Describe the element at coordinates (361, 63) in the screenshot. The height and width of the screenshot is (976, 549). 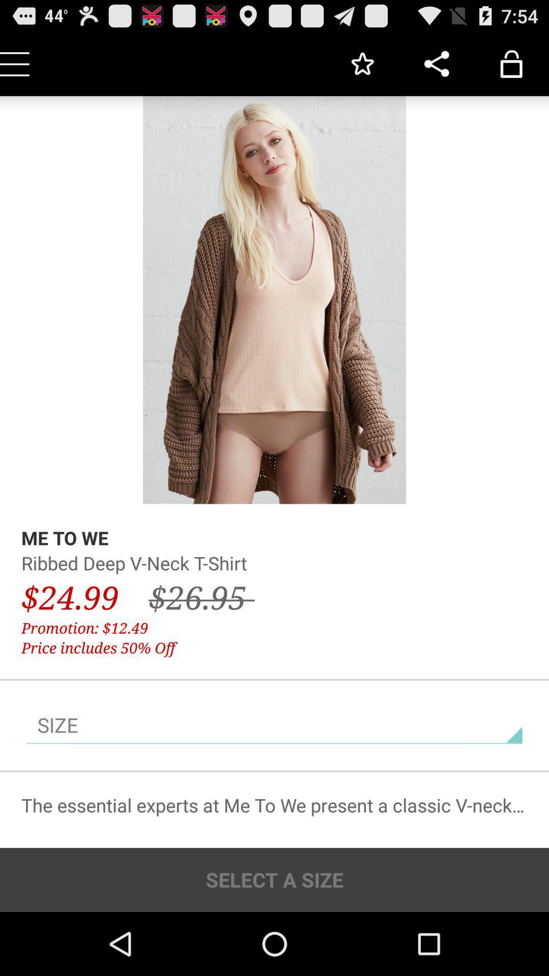
I see `the start symbol` at that location.